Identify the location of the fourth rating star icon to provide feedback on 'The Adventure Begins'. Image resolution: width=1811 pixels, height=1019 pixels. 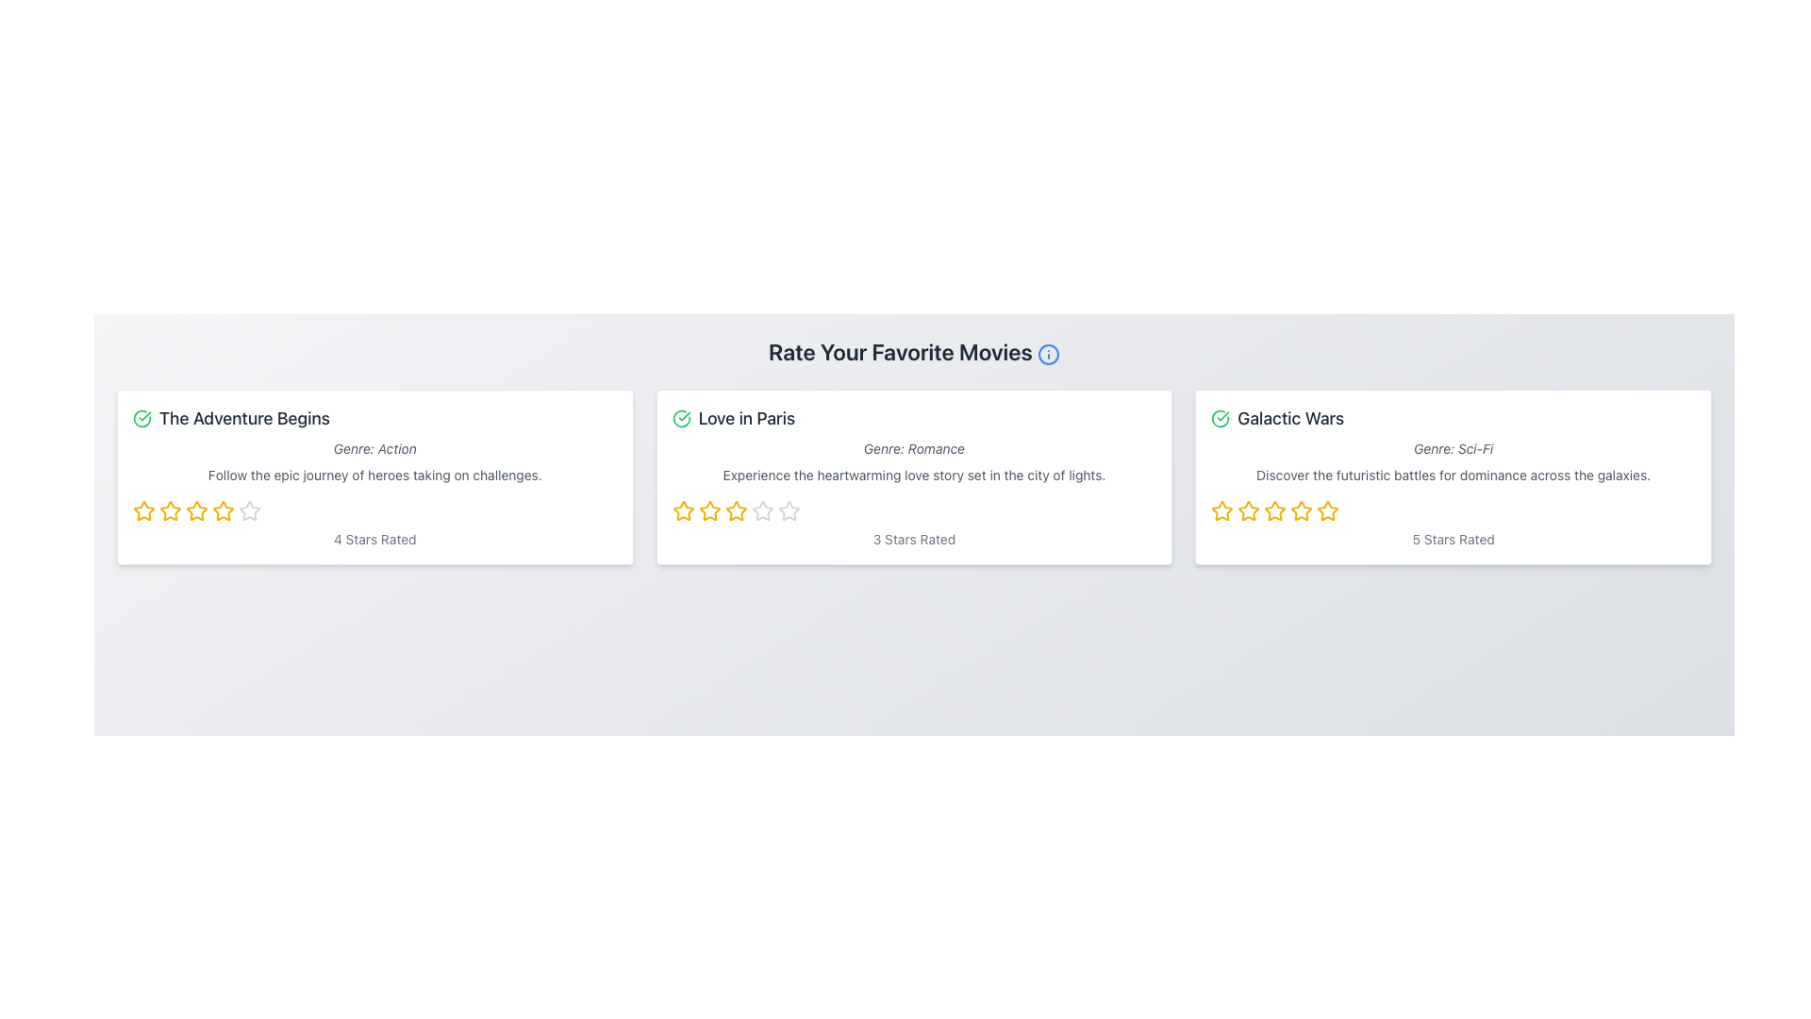
(197, 511).